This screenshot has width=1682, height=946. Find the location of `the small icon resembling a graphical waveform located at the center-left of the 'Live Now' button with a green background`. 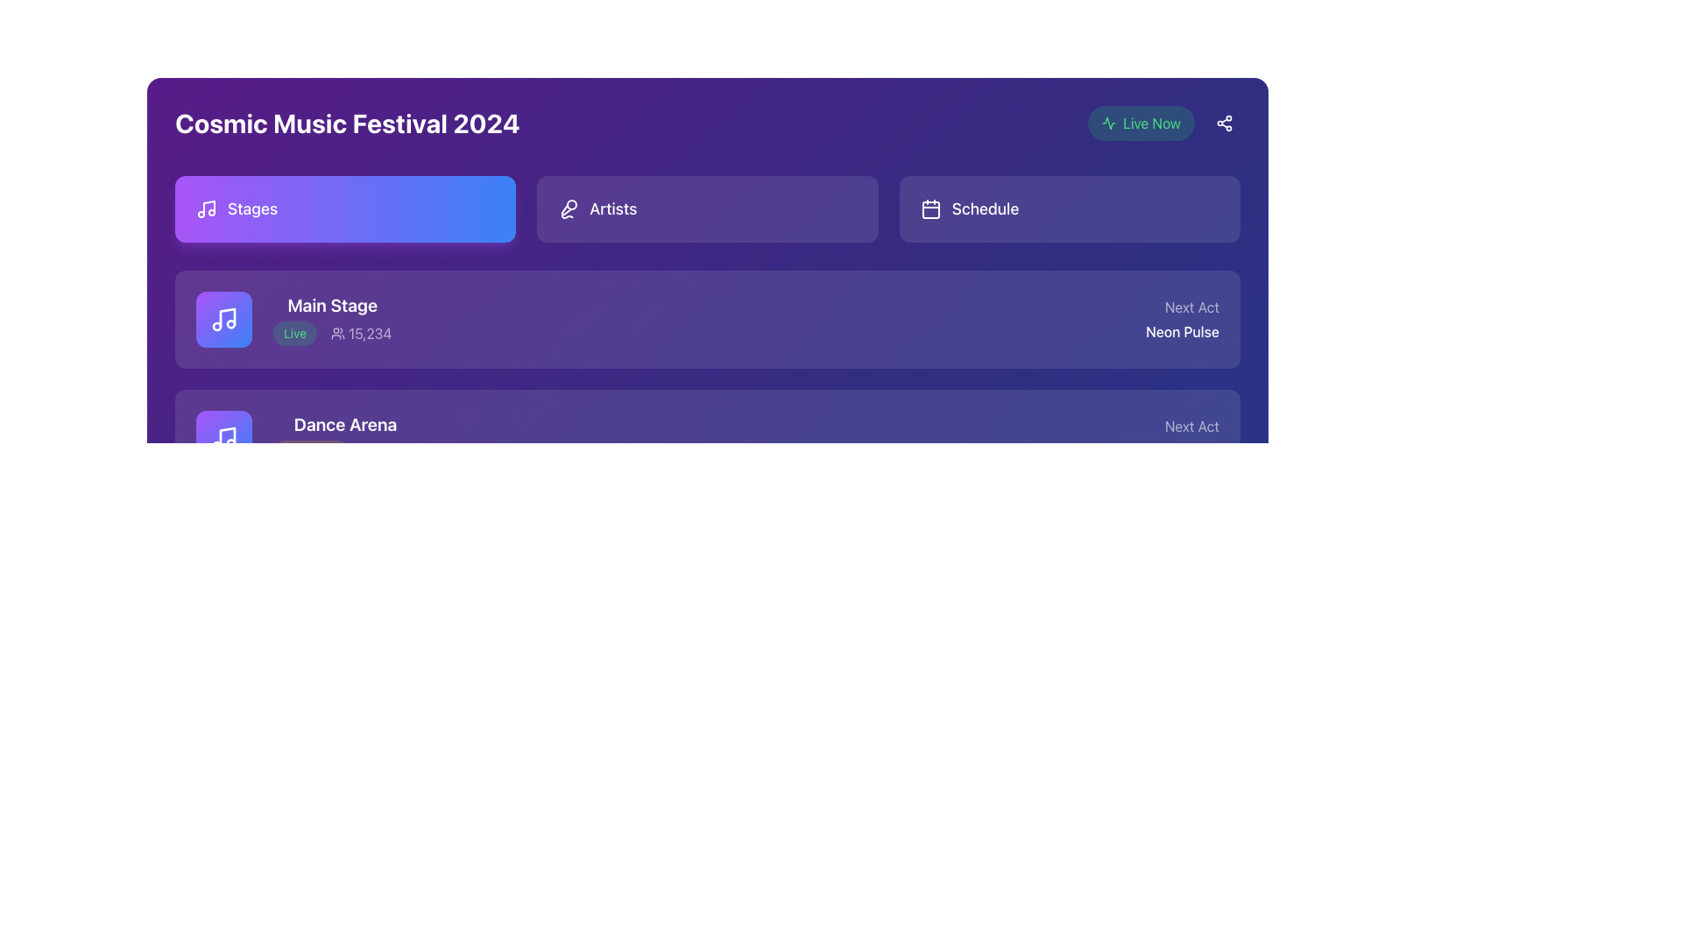

the small icon resembling a graphical waveform located at the center-left of the 'Live Now' button with a green background is located at coordinates (1108, 123).